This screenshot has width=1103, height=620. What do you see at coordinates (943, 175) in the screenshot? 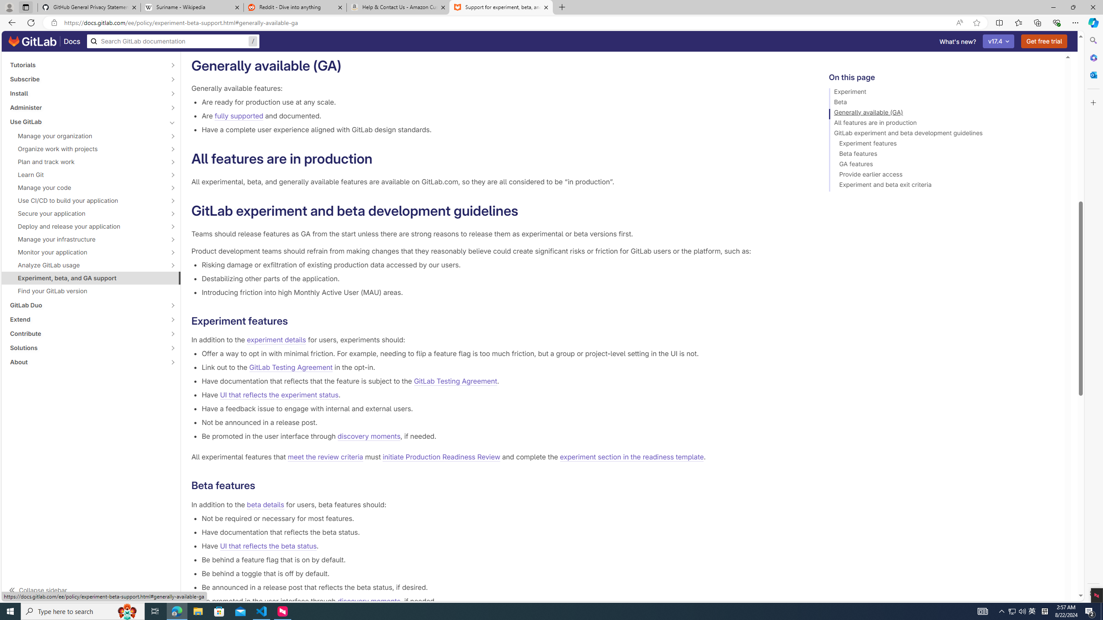
I see `'Provide earlier access'` at bounding box center [943, 175].